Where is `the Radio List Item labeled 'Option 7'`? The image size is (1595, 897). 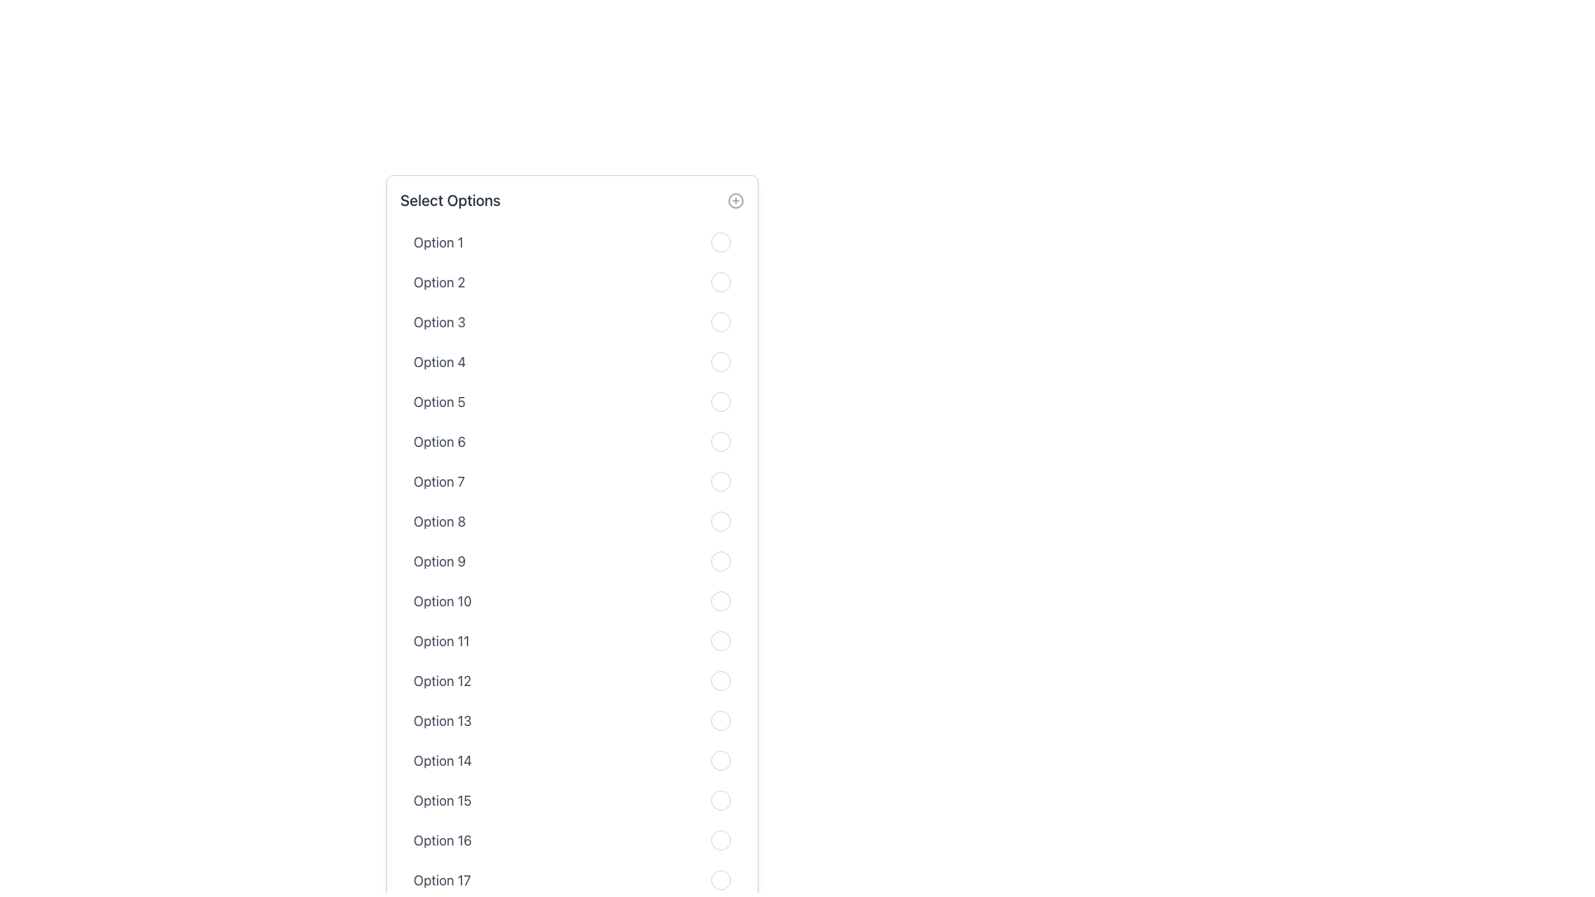 the Radio List Item labeled 'Option 7' is located at coordinates (572, 481).